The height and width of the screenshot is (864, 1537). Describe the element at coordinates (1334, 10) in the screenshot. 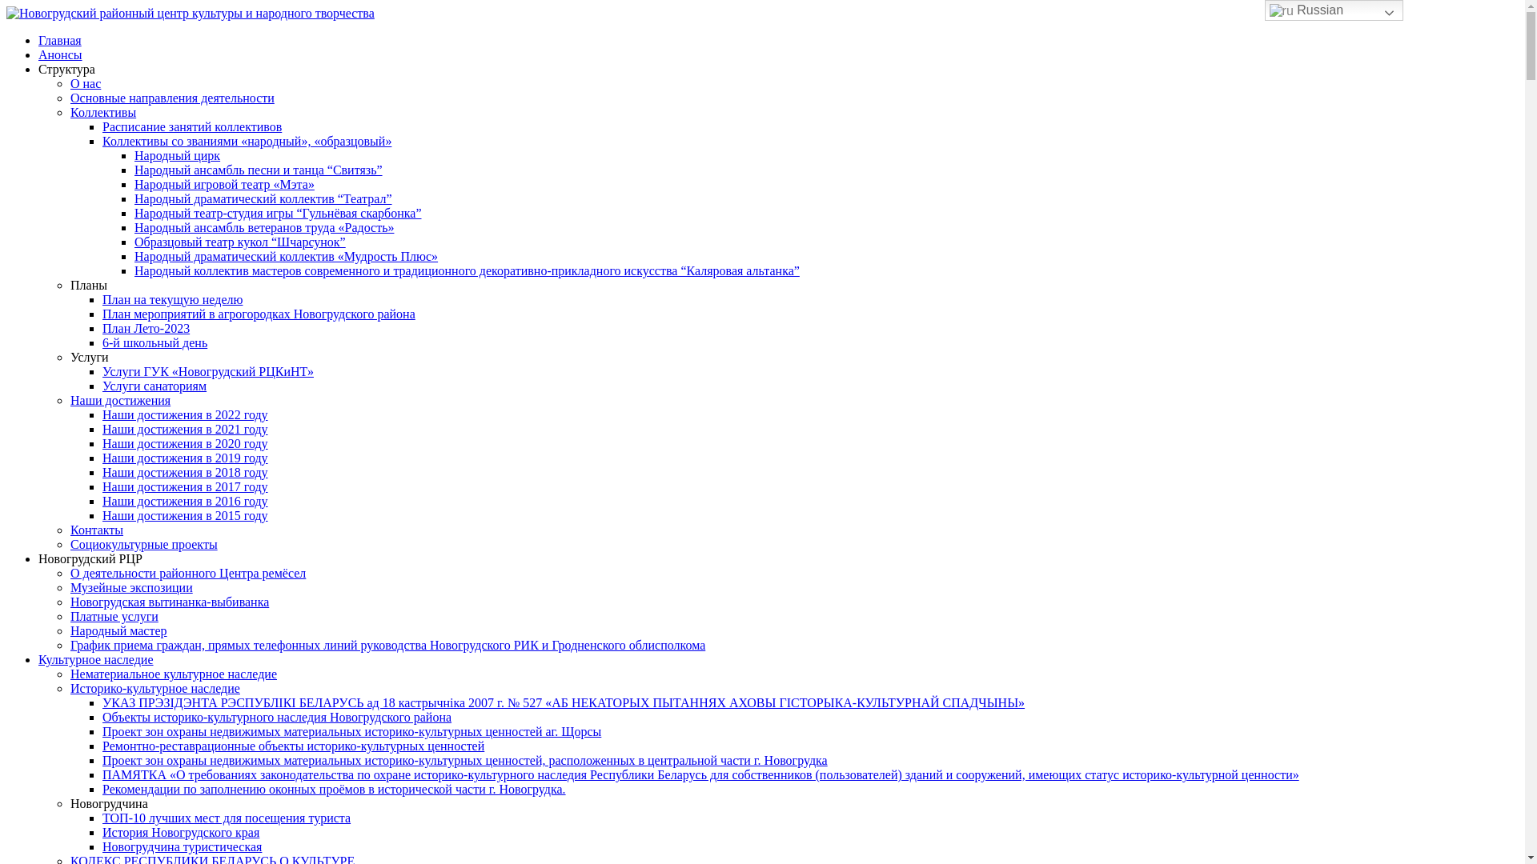

I see `'Russian'` at that location.